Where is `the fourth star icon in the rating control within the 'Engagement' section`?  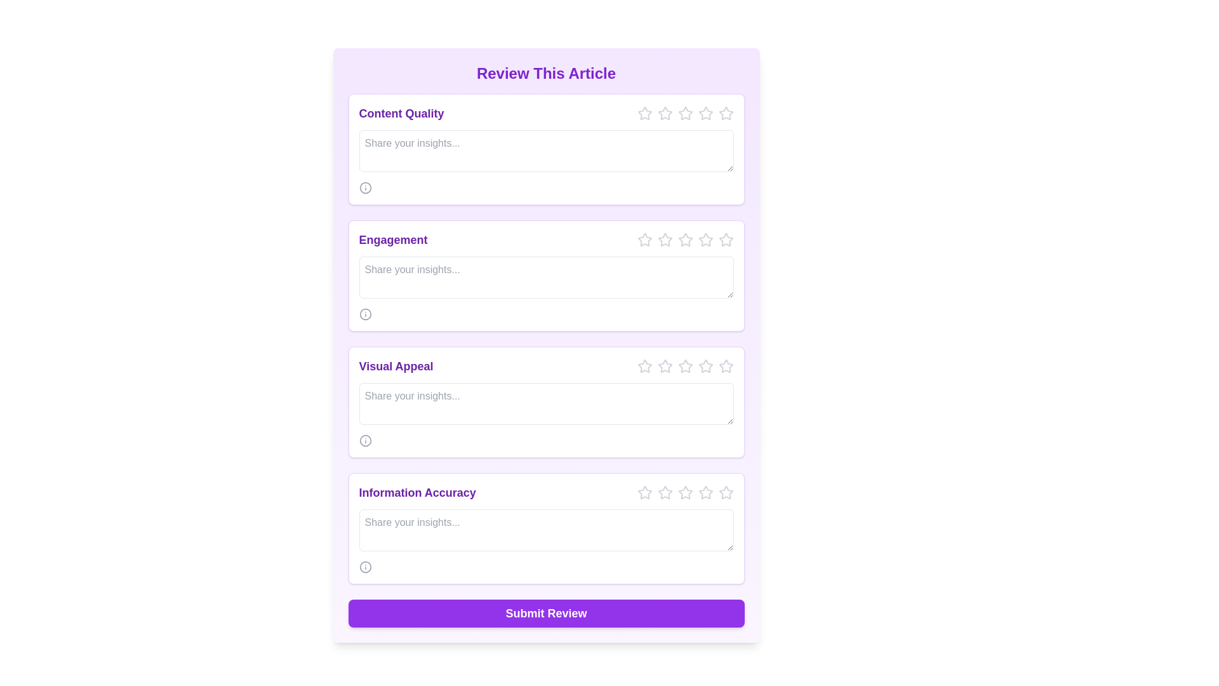 the fourth star icon in the rating control within the 'Engagement' section is located at coordinates (684, 240).